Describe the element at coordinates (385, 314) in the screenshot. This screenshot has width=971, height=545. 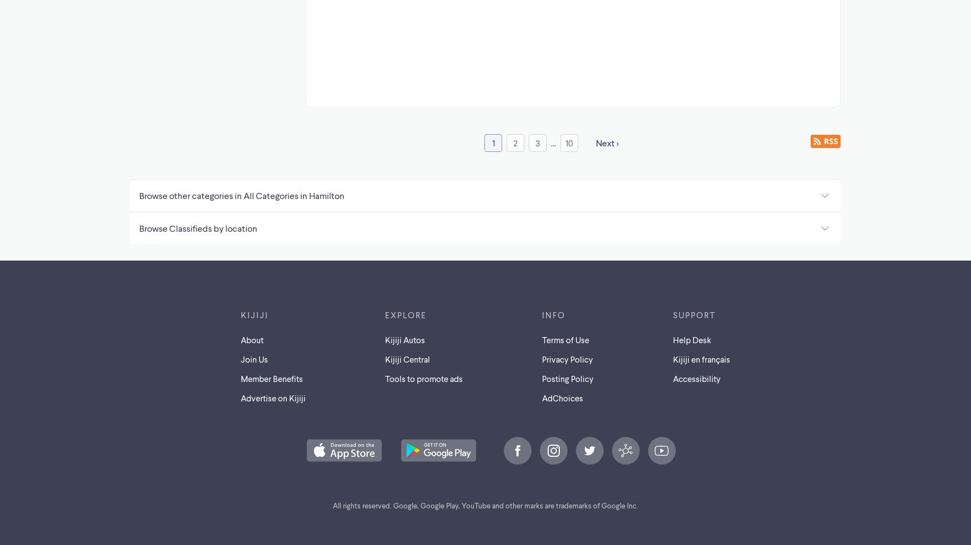
I see `'Explore'` at that location.